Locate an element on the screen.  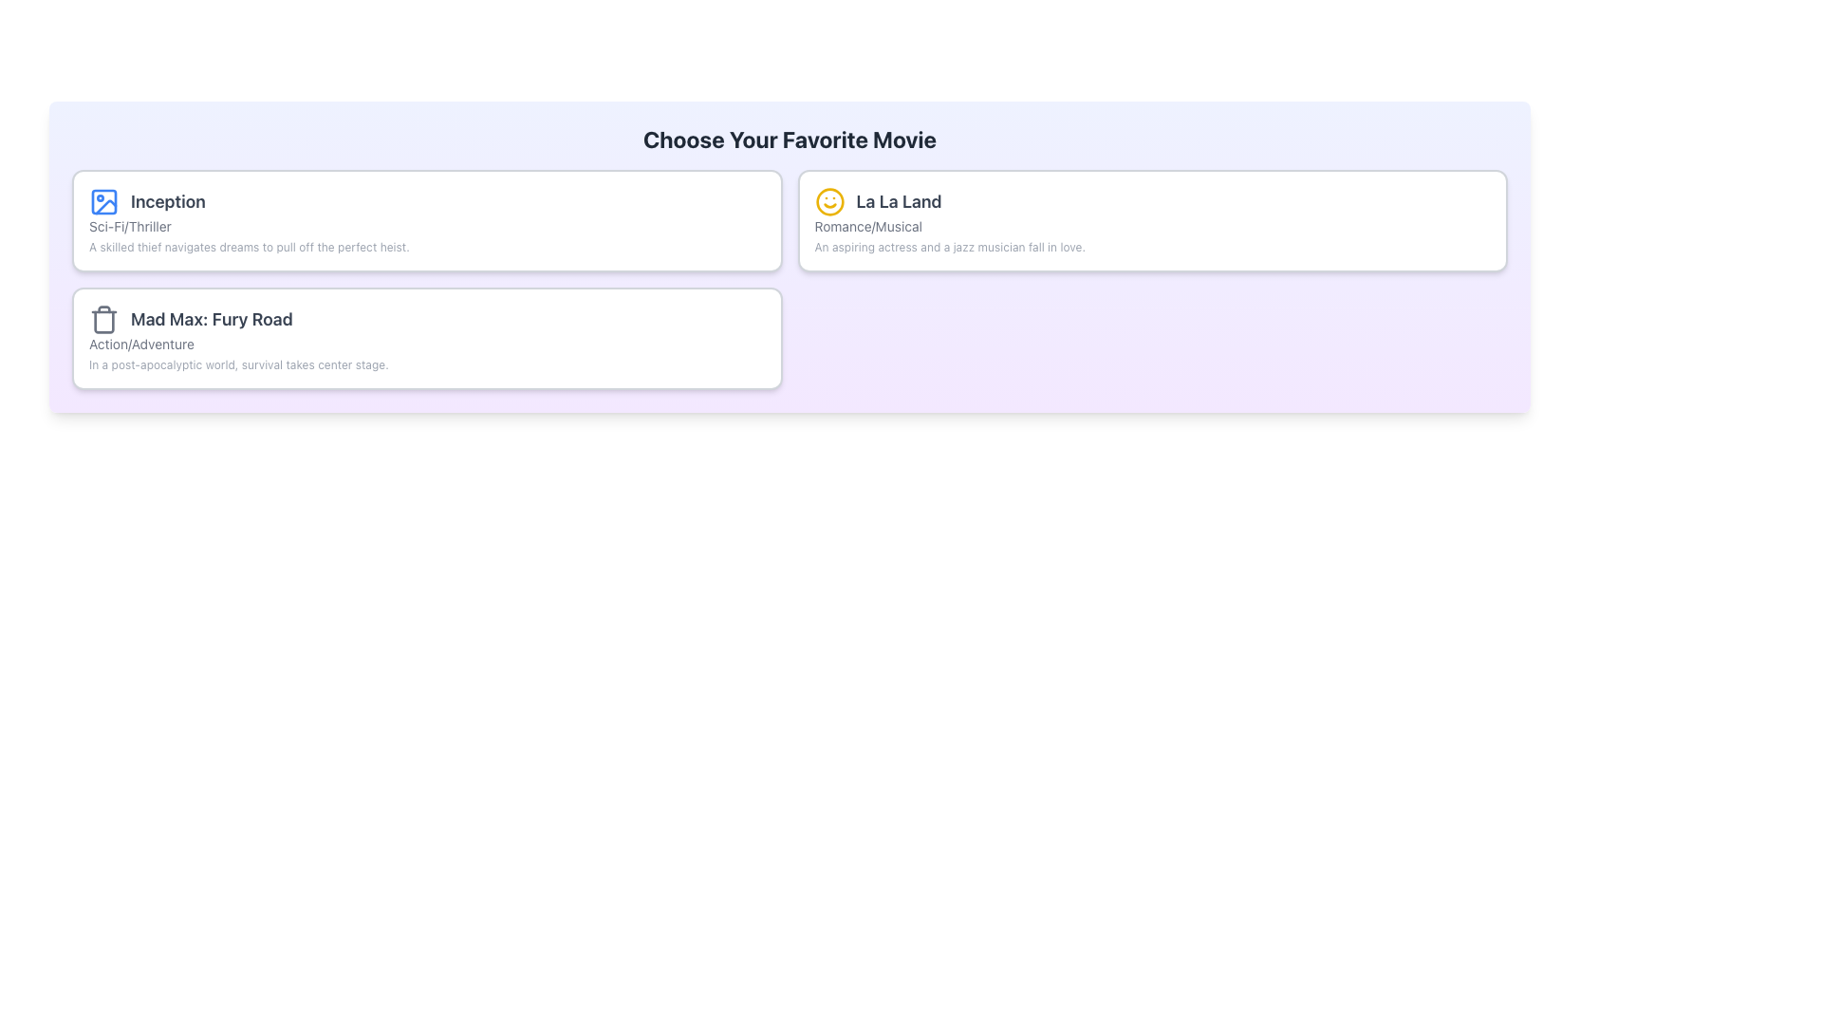
the descriptive text label that reads 'An aspiring actress and a jazz musician fall in love.' located below the 'Romance/Musical' category in the 'La La Land' movie card is located at coordinates (950, 247).